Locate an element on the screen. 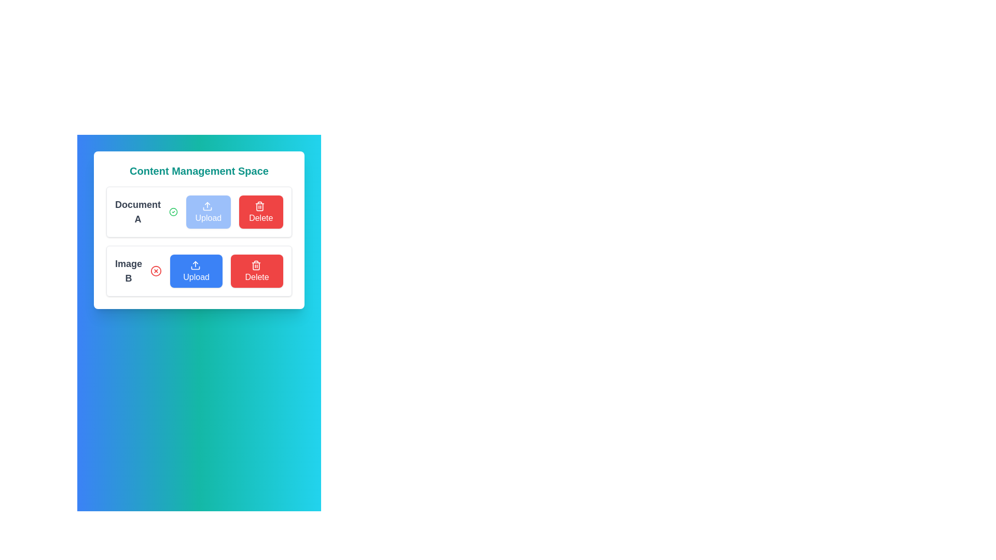 Image resolution: width=996 pixels, height=560 pixels. the 'Upload' button represented by the horizontal line segment at the bottom of the SVG icon associated with 'Image B' is located at coordinates (195, 267).